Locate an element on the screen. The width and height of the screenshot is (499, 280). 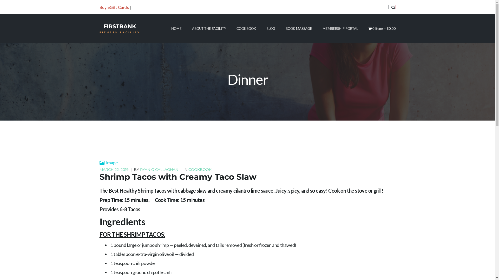
'FIRSTBANK is located at coordinates (119, 29).